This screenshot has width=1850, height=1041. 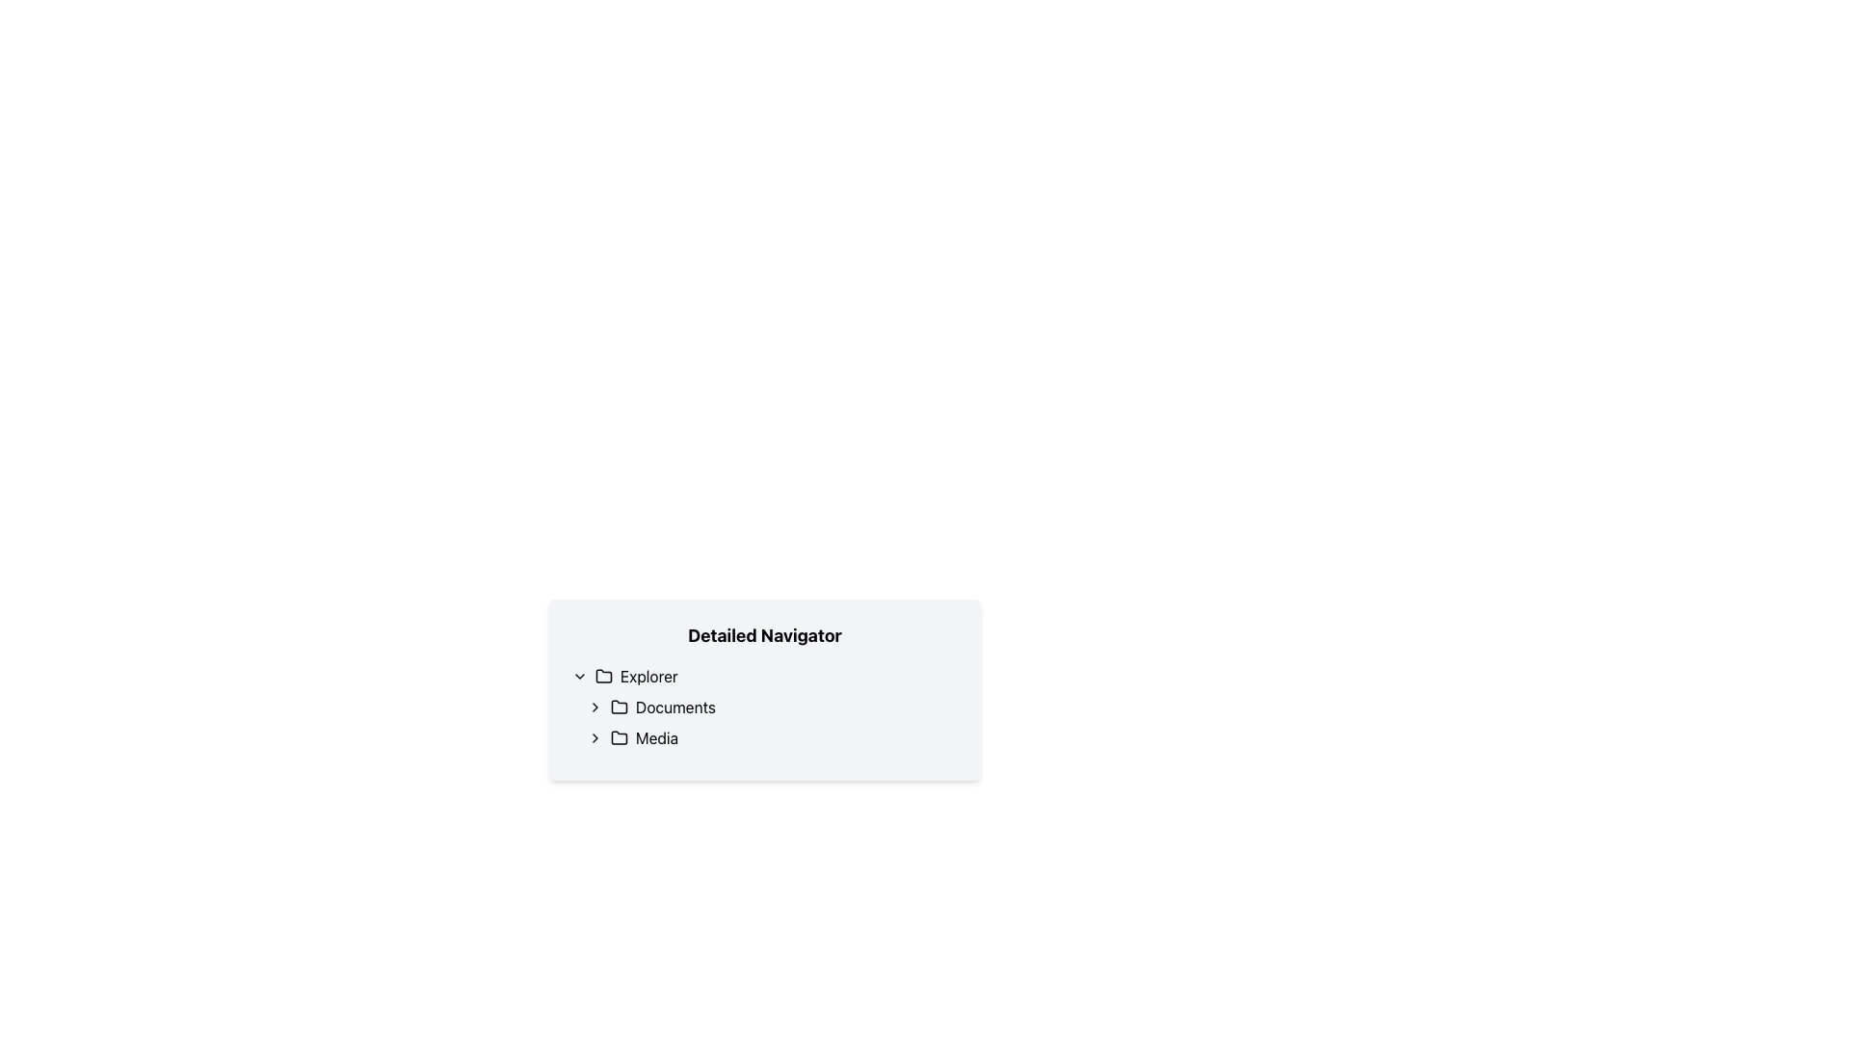 I want to click on the 'Media' folder icon in the Detailed Navigator UI panel, so click(x=620, y=736).